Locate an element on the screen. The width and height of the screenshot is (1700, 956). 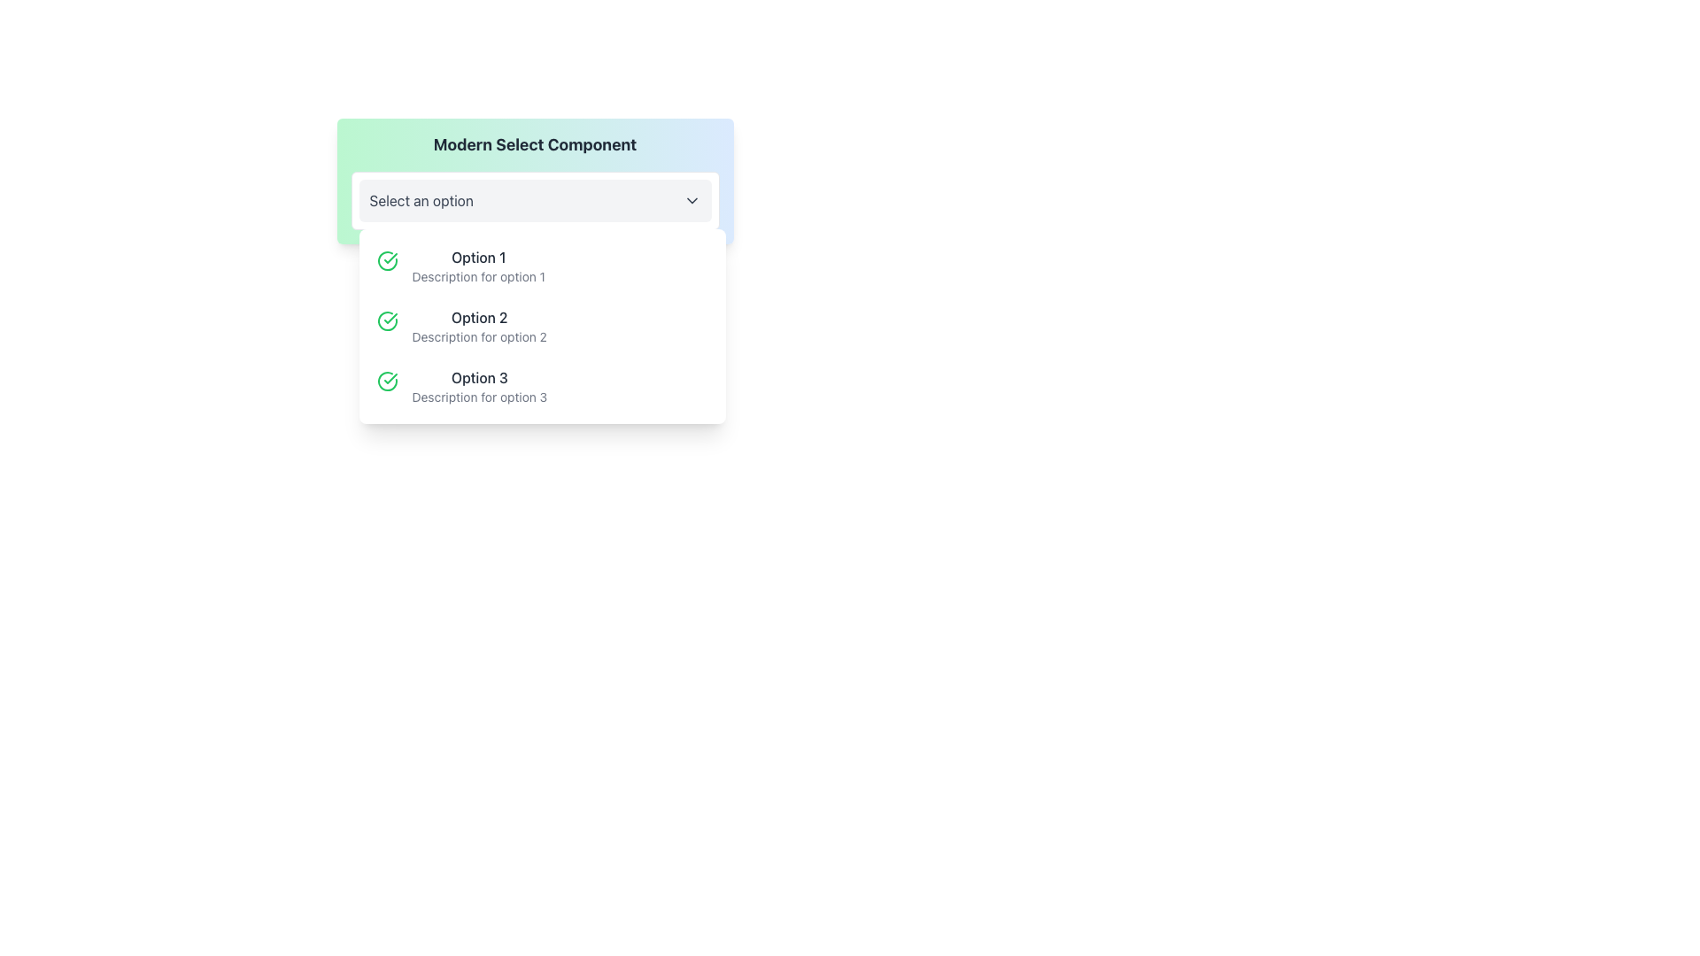
the text label 'Description for option 2' located beneath 'Option 2' in the dropdown menu is located at coordinates (479, 337).